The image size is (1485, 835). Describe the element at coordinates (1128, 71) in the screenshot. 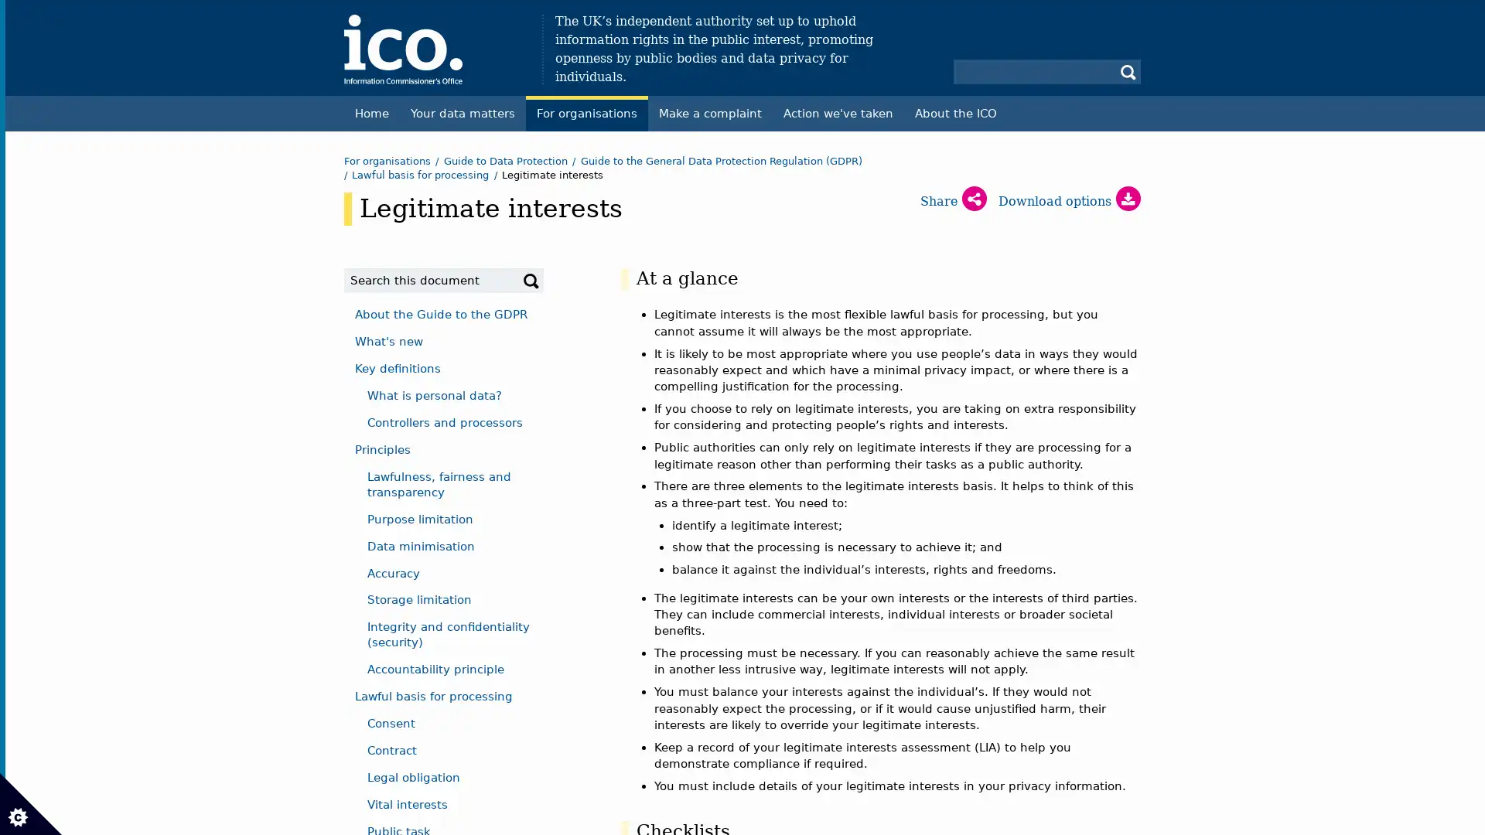

I see `Search` at that location.